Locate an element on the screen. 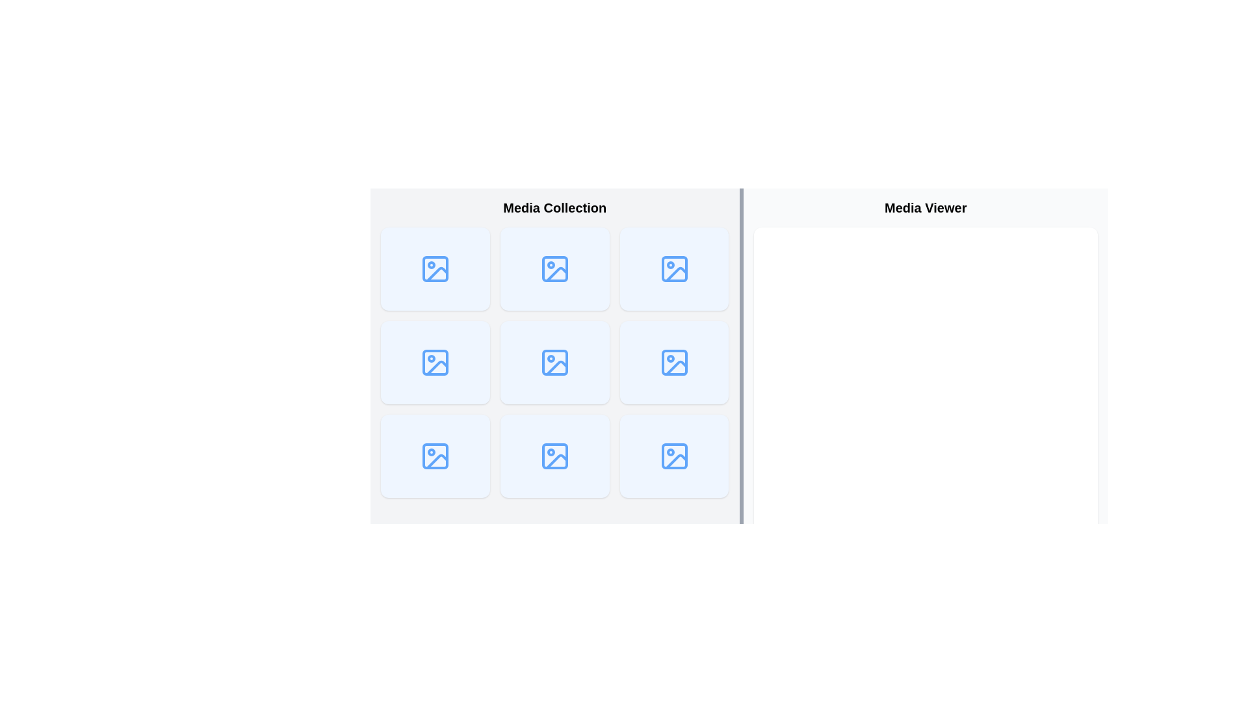 The image size is (1248, 702). the third square icon representing an image in the 'Media Collection' section is located at coordinates (674, 363).